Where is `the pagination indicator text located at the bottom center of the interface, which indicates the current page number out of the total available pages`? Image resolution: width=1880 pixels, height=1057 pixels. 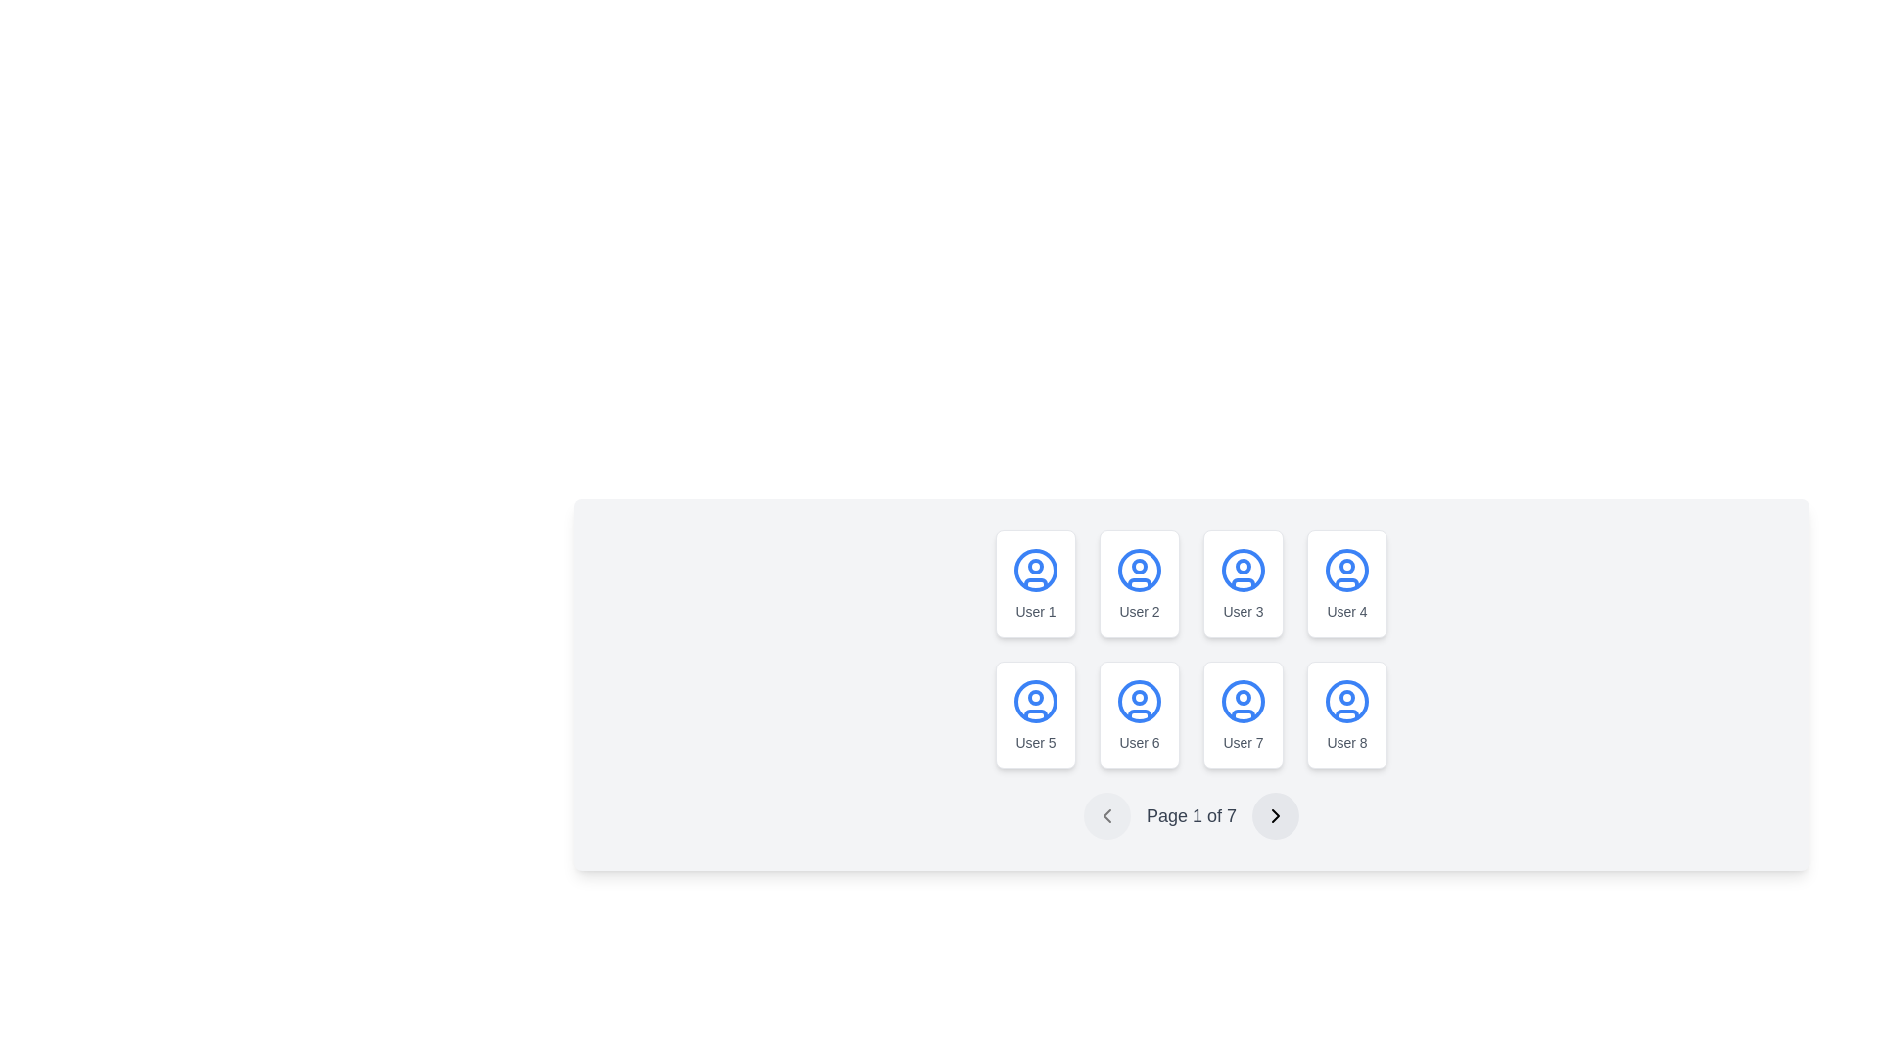
the pagination indicator text located at the bottom center of the interface, which indicates the current page number out of the total available pages is located at coordinates (1191, 815).